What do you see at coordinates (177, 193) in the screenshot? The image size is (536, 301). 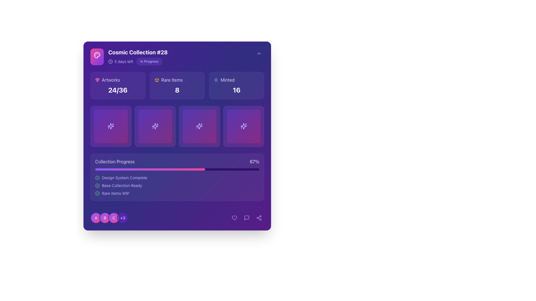 I see `the Text Label indicating the progress status of 'Rare Items WIP' located under 'Collection Progress'` at bounding box center [177, 193].